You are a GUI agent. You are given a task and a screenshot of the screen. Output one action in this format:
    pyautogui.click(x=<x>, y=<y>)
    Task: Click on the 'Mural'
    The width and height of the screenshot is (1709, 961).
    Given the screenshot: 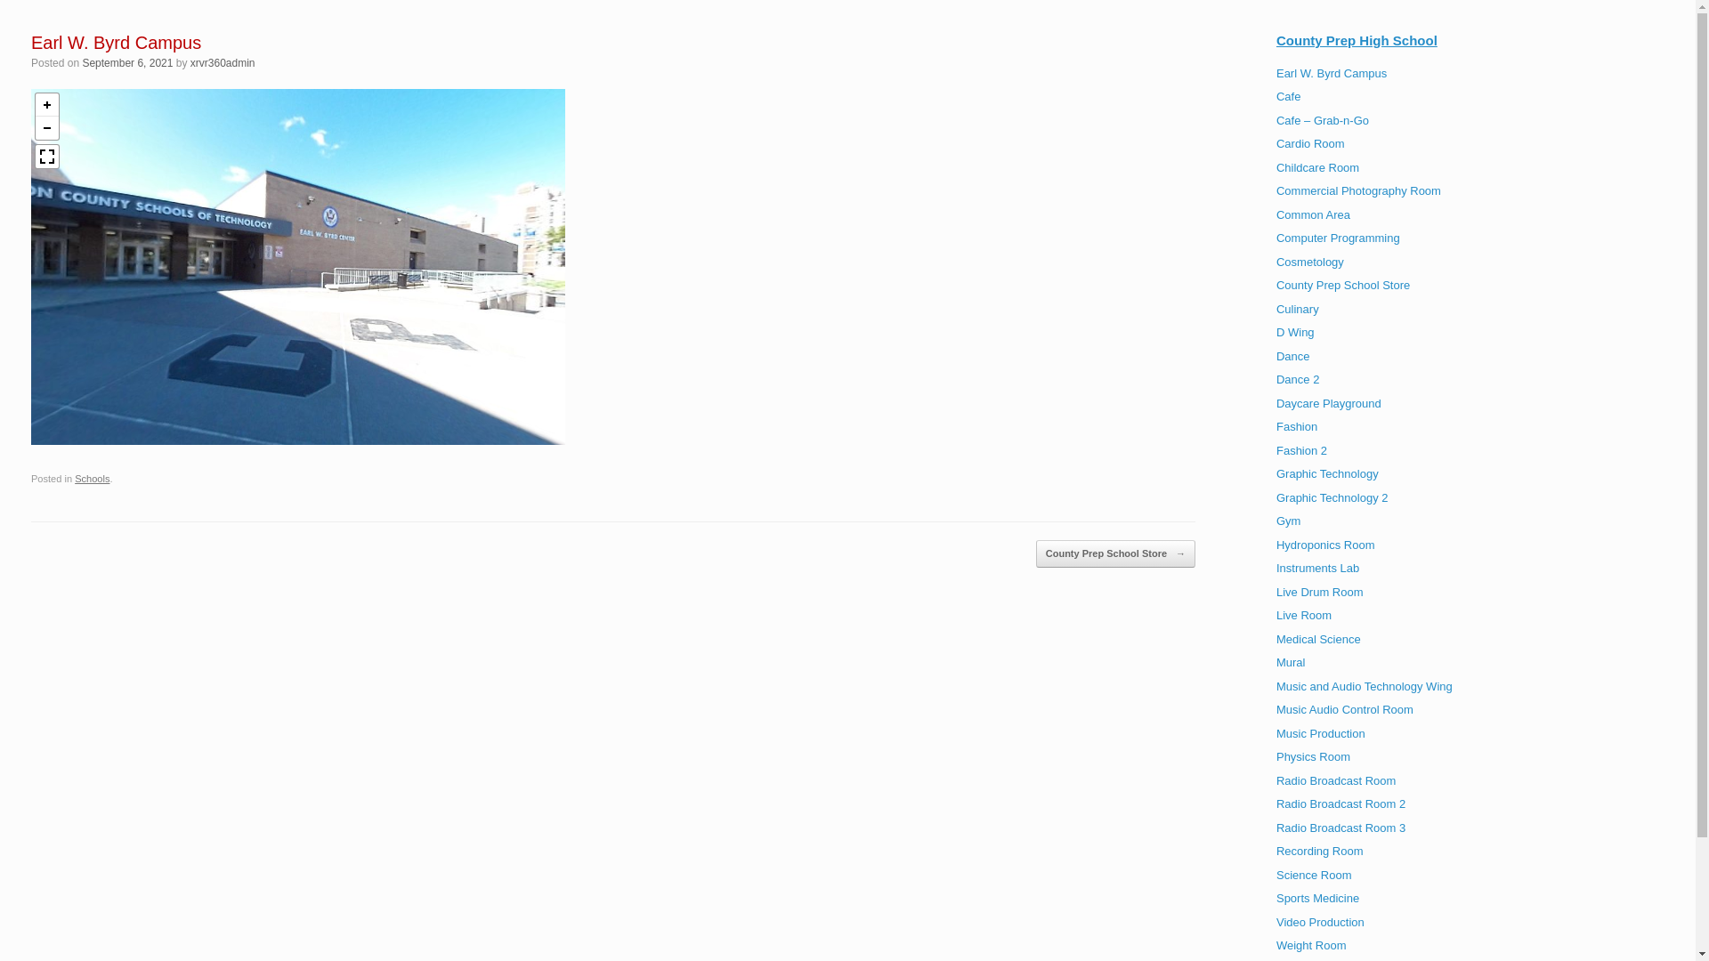 What is the action you would take?
    pyautogui.click(x=1291, y=662)
    